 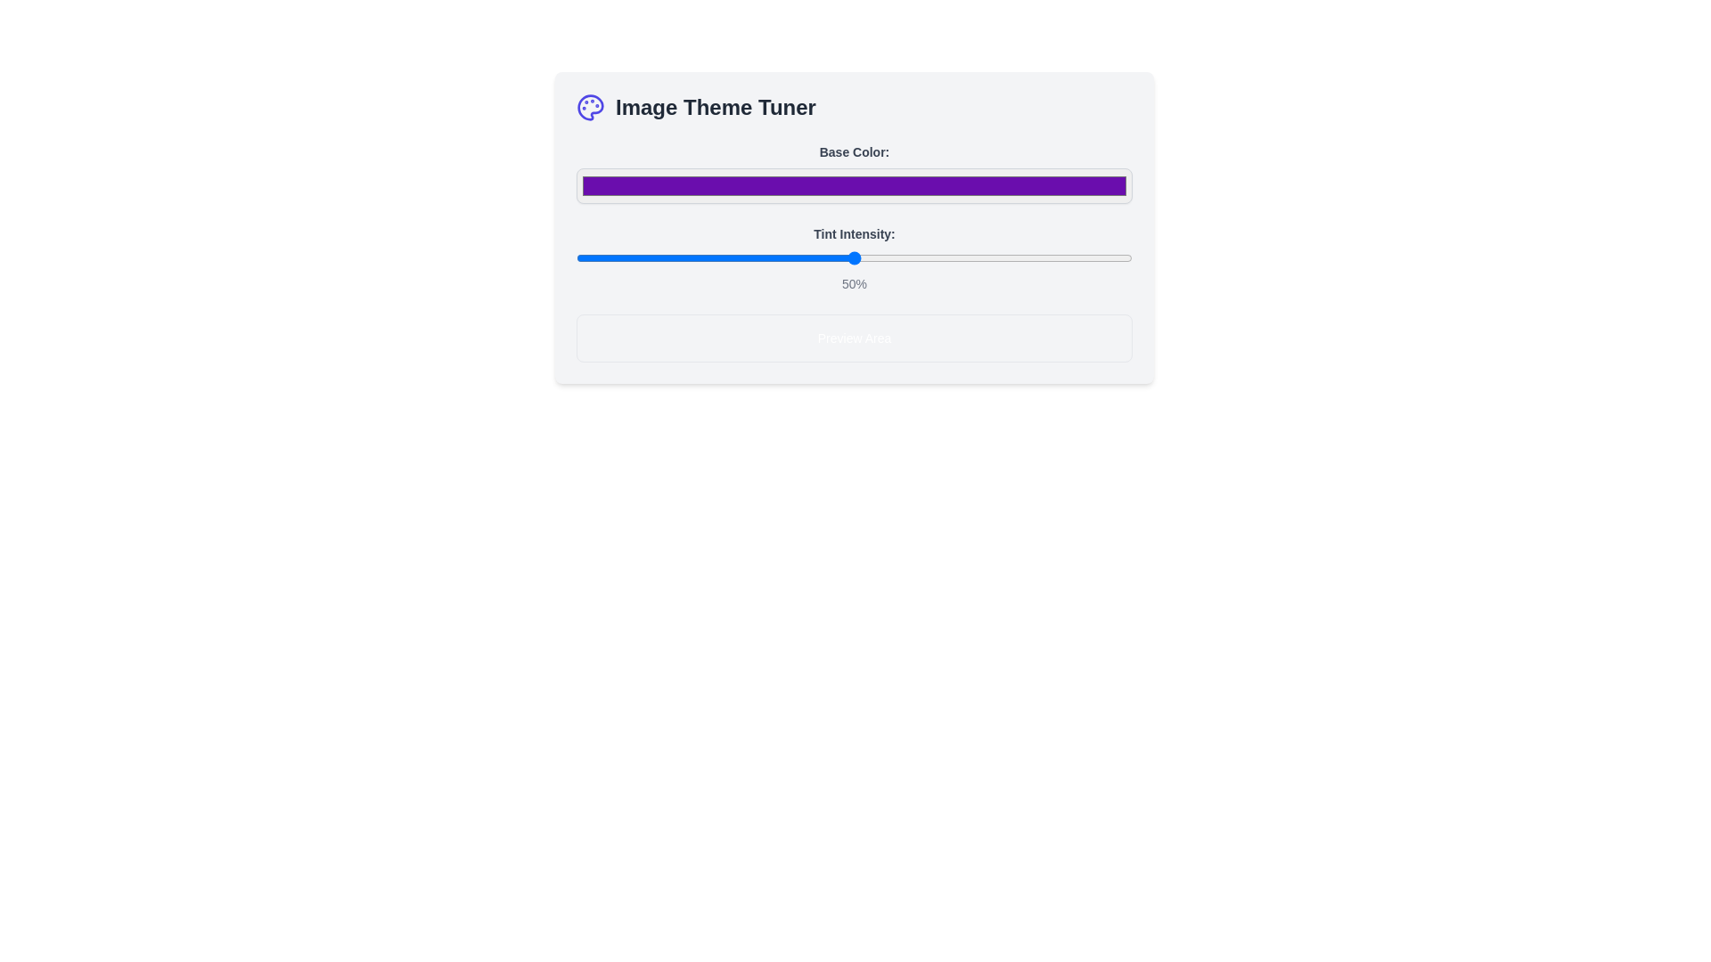 What do you see at coordinates (675, 257) in the screenshot?
I see `the Tint Intensity` at bounding box center [675, 257].